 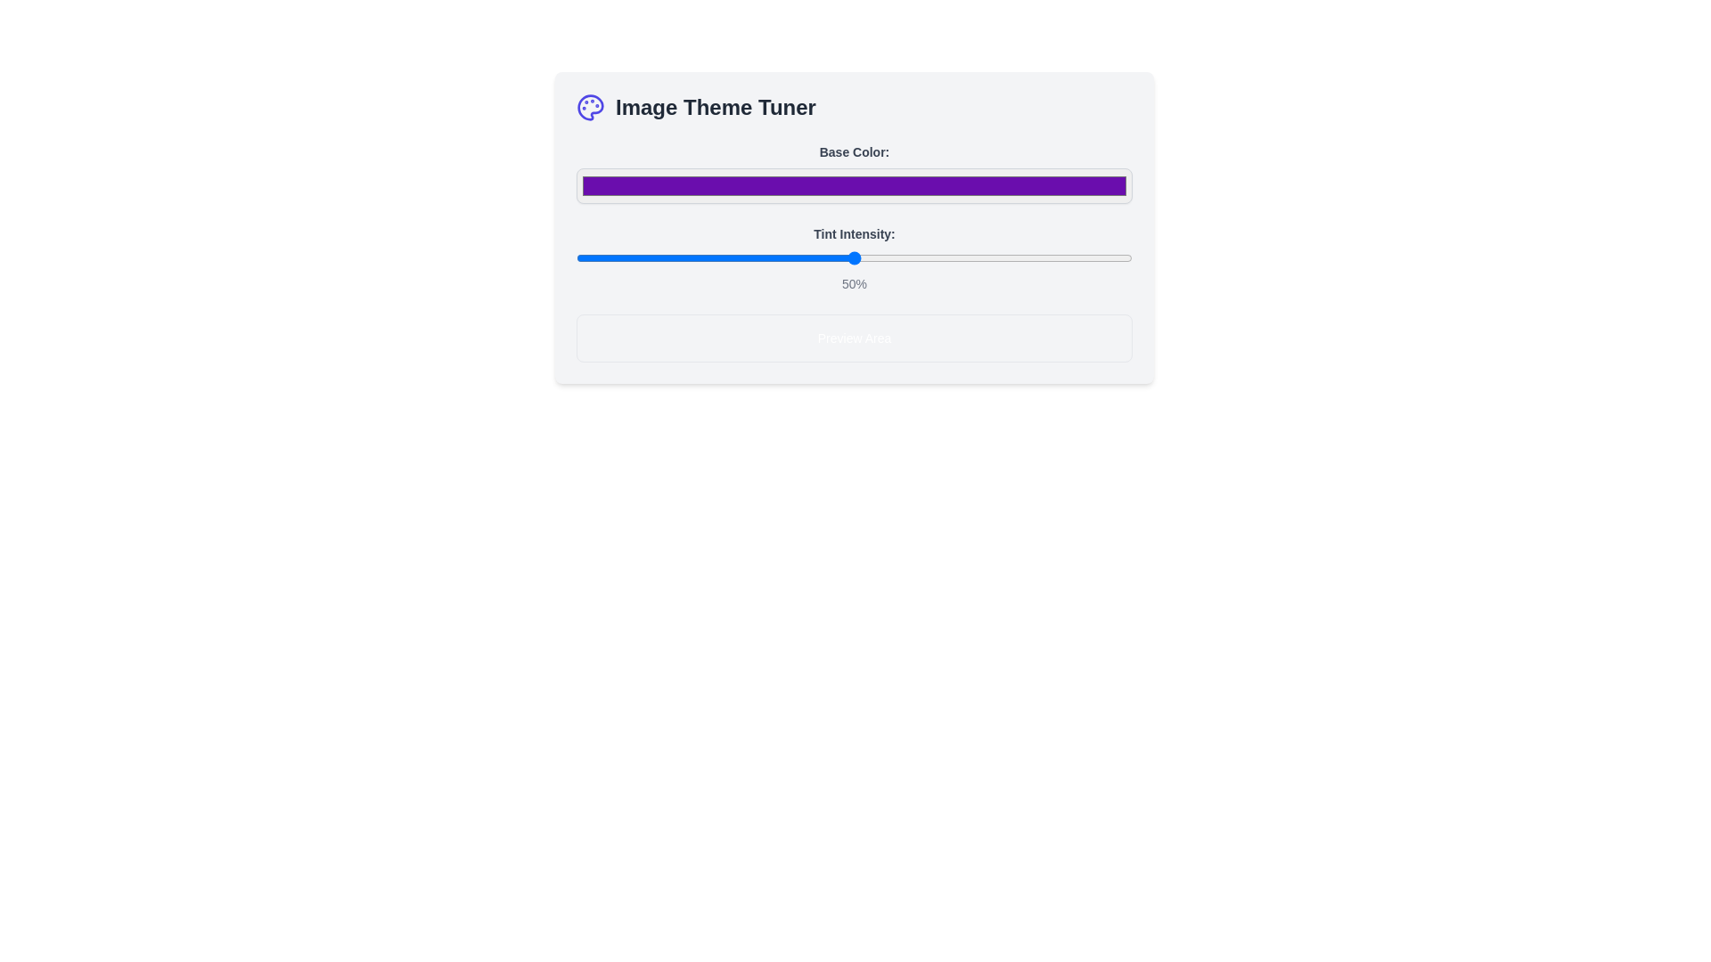 What do you see at coordinates (675, 257) in the screenshot?
I see `the Tint Intensity` at bounding box center [675, 257].